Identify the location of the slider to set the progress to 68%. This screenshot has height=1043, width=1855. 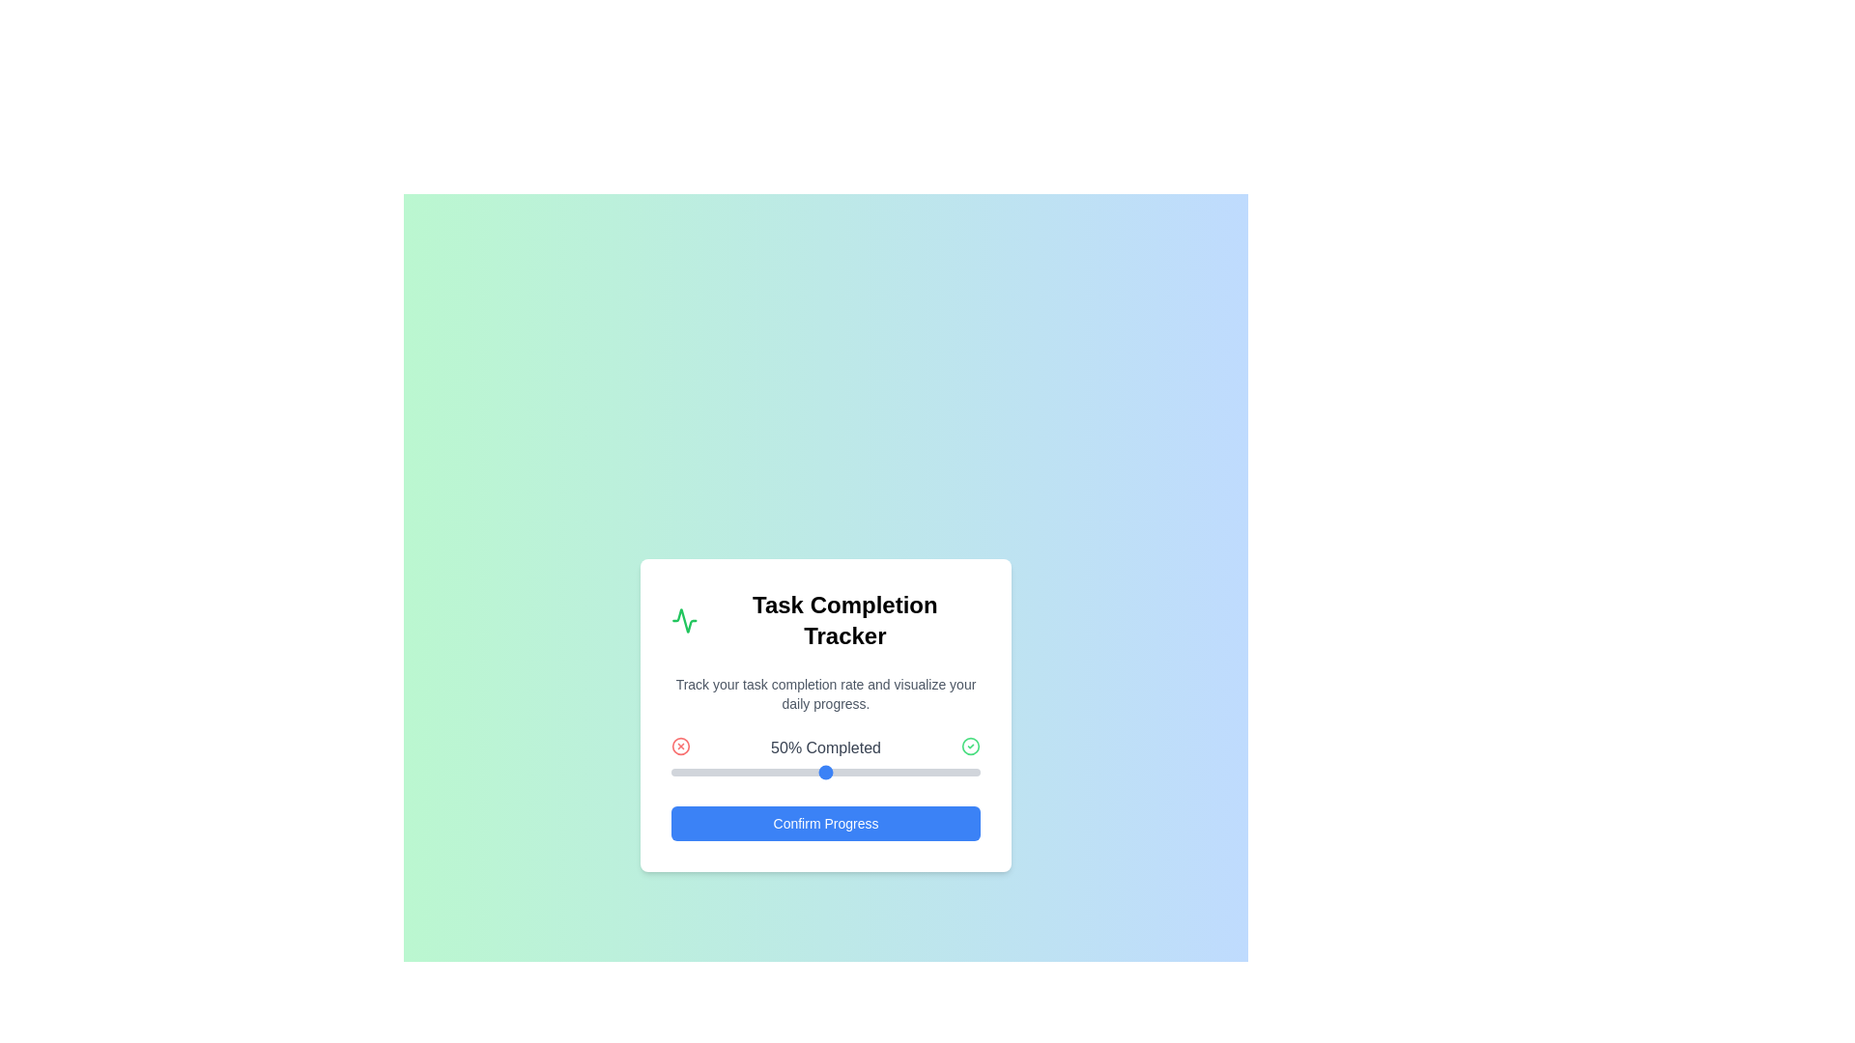
(880, 771).